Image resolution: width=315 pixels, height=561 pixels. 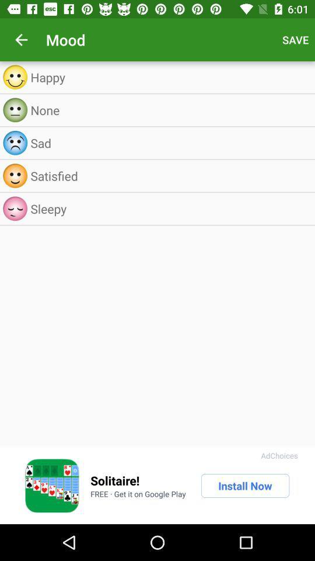 What do you see at coordinates (51, 486) in the screenshot?
I see `by clicking this icon you will be directed to install the solitaire app` at bounding box center [51, 486].